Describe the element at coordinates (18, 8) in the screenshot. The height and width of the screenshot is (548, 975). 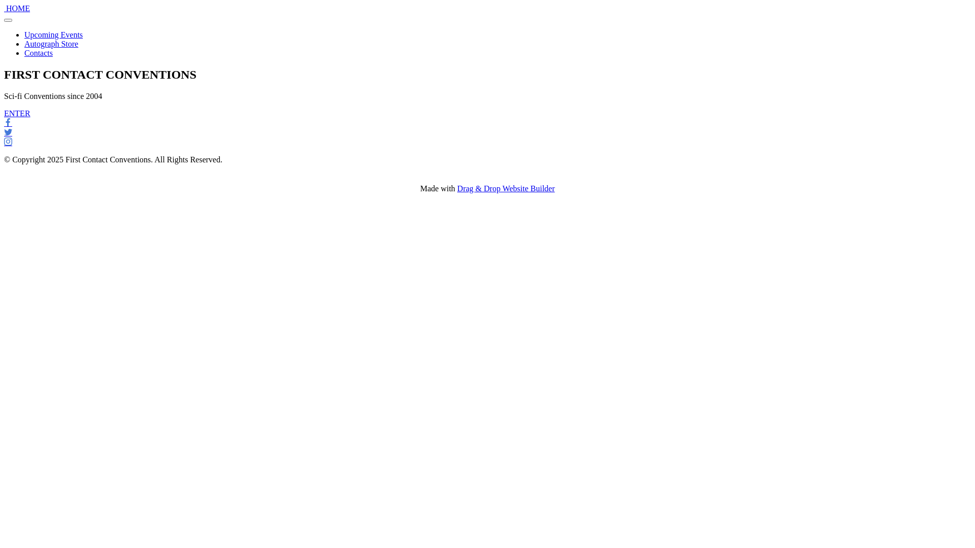
I see `'HOME'` at that location.